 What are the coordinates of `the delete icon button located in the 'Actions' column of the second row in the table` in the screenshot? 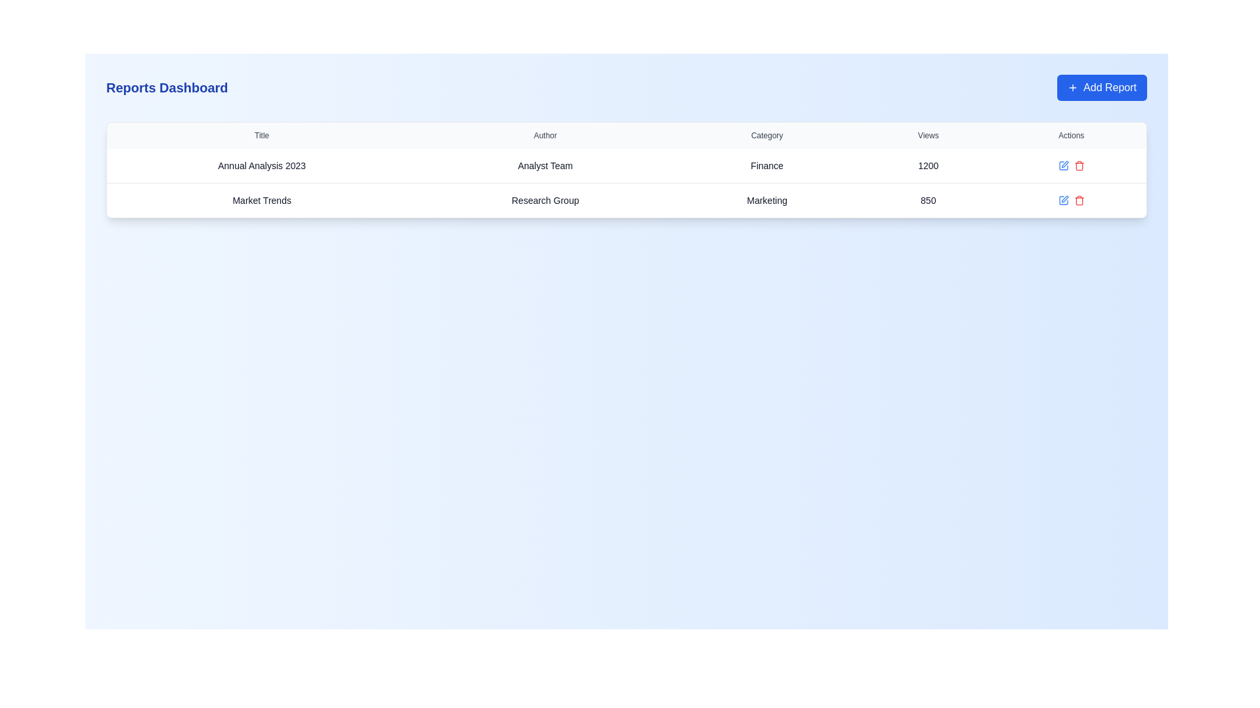 It's located at (1079, 165).